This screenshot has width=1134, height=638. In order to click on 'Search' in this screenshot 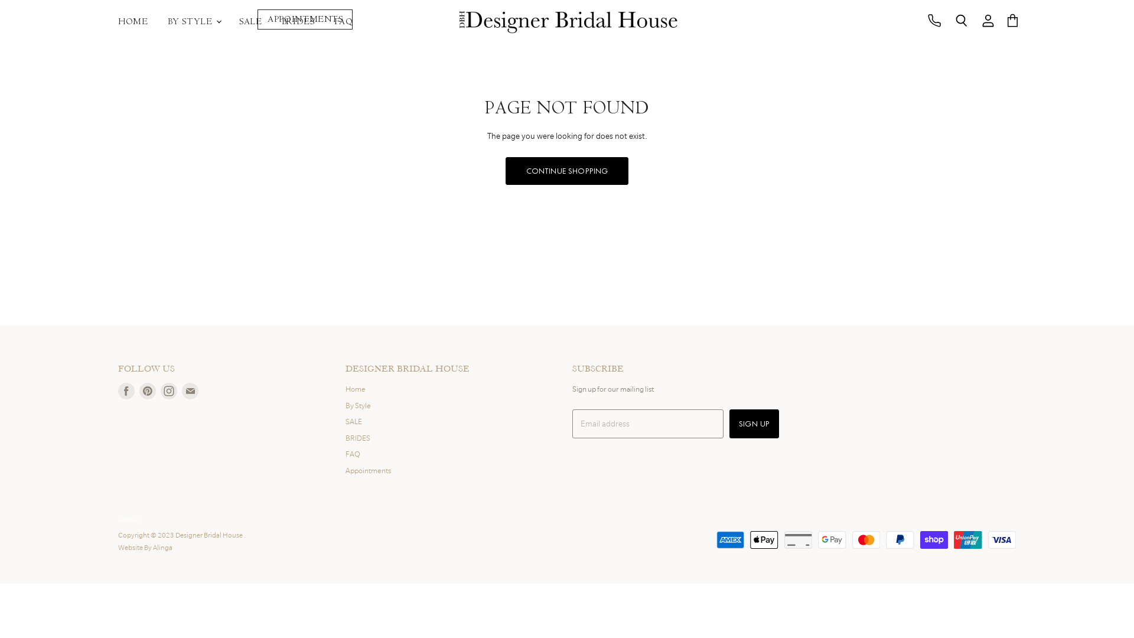, I will do `click(961, 21)`.